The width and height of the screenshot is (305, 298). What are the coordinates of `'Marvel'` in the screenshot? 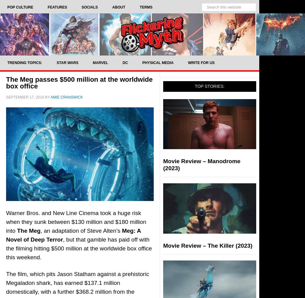 It's located at (100, 62).